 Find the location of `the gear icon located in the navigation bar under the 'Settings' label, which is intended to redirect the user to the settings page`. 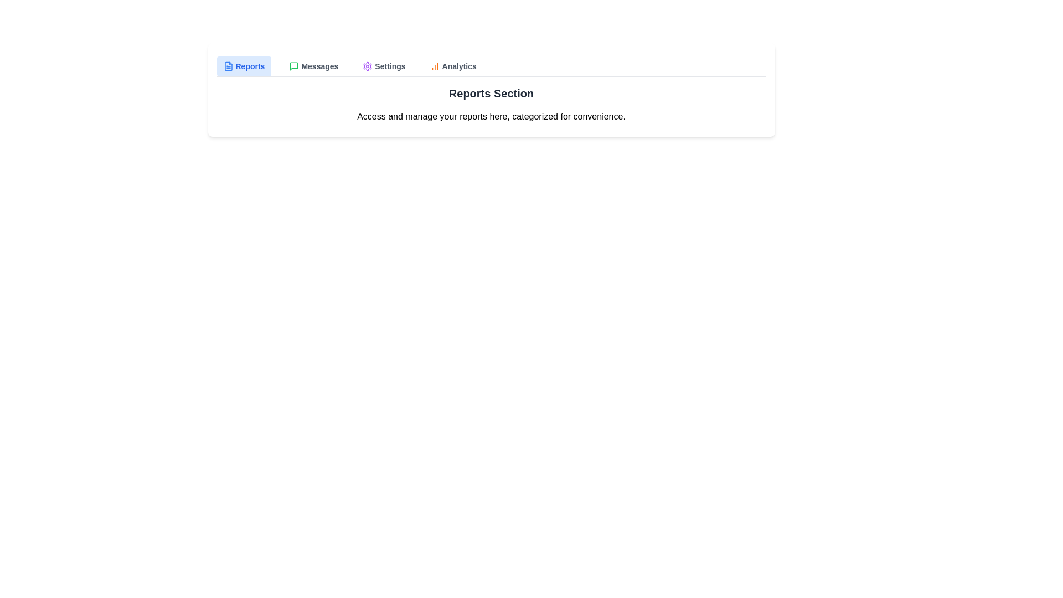

the gear icon located in the navigation bar under the 'Settings' label, which is intended to redirect the user to the settings page is located at coordinates (368, 66).